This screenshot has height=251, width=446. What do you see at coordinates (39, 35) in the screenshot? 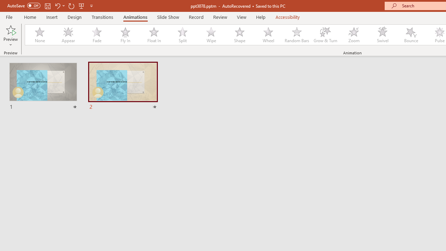
I see `'None'` at bounding box center [39, 35].